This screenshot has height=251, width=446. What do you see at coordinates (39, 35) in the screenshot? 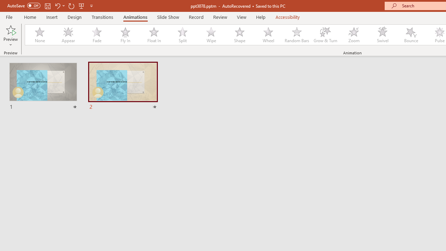
I see `'None'` at bounding box center [39, 35].